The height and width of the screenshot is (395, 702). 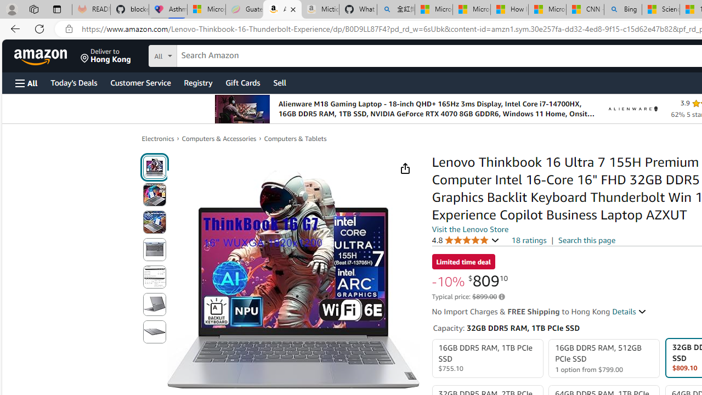 I want to click on 'CNN - MSN', so click(x=584, y=9).